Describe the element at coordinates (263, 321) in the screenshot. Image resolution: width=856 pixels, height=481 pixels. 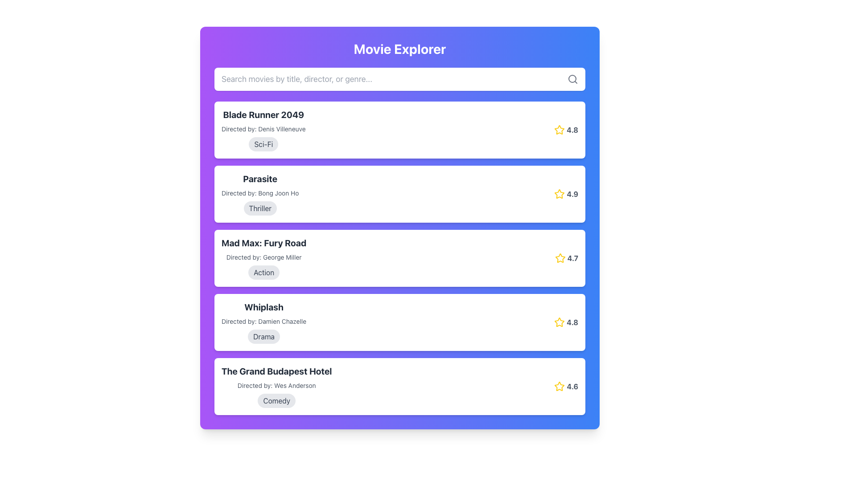
I see `the static text label that provides information about the director of the movie 'Whiplash', positioned below the movie title and above the tag labeled 'Drama'` at that location.